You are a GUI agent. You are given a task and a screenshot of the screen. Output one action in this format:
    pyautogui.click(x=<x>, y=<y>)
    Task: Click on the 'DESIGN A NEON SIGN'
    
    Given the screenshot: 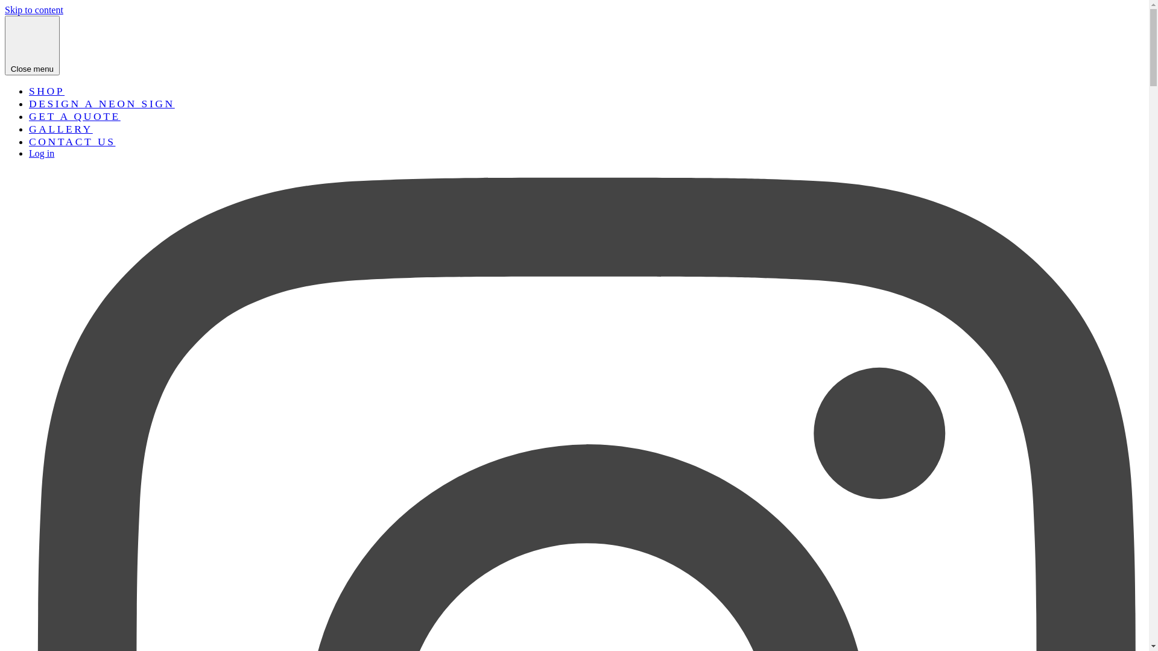 What is the action you would take?
    pyautogui.click(x=101, y=103)
    